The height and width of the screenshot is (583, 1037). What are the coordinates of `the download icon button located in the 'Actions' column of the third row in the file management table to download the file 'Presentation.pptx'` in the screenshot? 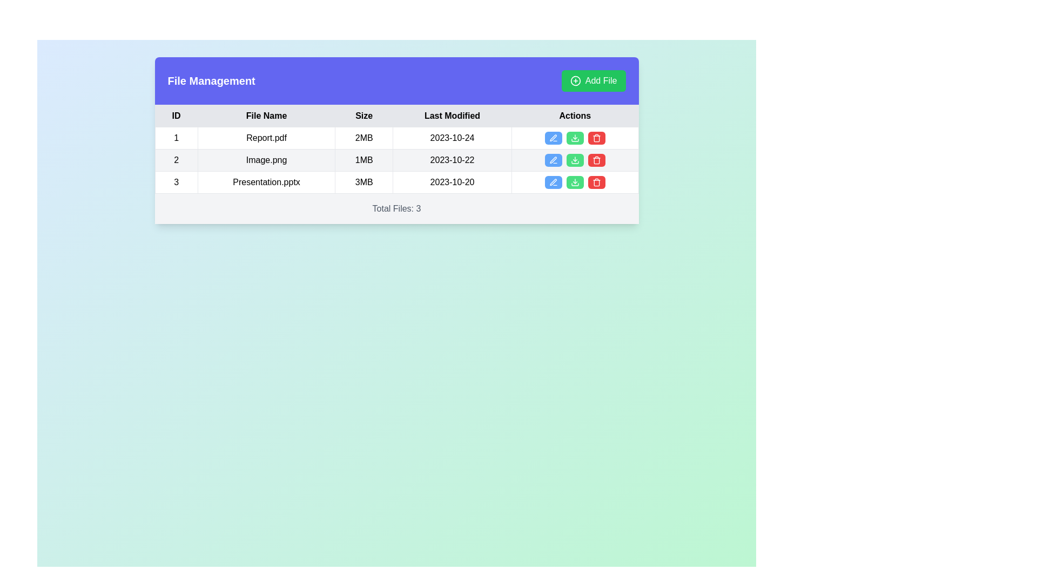 It's located at (574, 160).